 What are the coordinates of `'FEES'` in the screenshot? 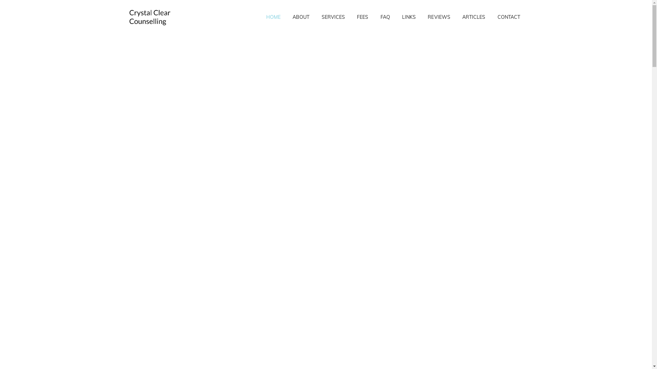 It's located at (362, 17).